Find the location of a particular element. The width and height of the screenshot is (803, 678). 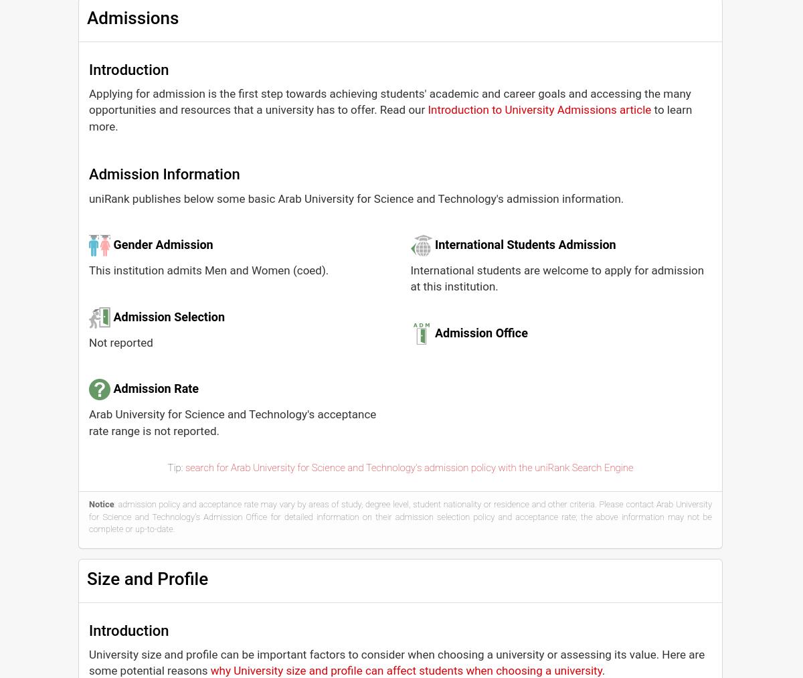

'Not reported' is located at coordinates (120, 341).